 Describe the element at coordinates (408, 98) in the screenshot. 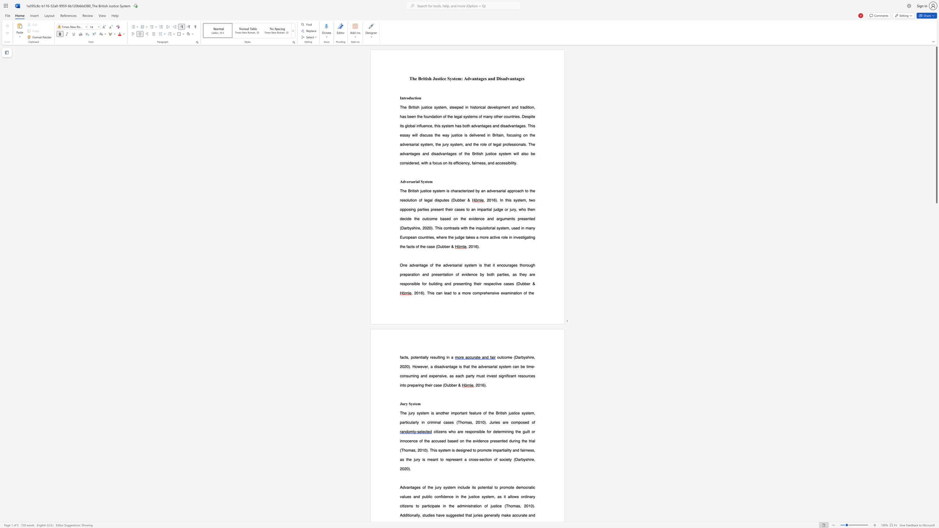

I see `the 1th character "o" in the text` at that location.